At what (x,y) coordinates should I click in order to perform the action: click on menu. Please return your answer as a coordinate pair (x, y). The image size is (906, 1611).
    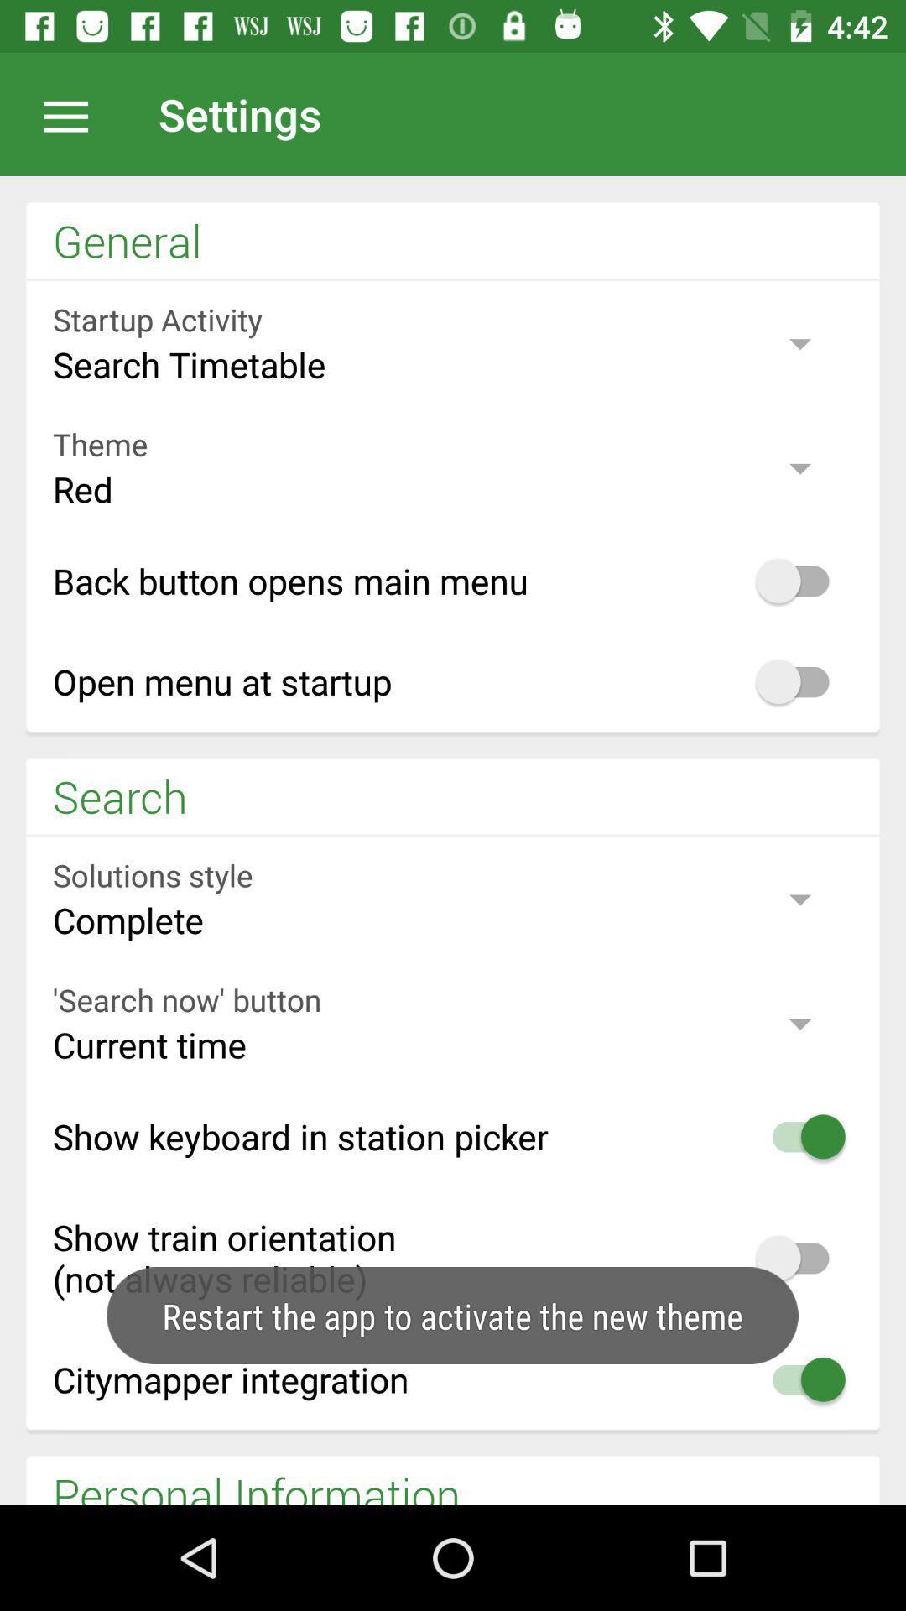
    Looking at the image, I should click on (74, 113).